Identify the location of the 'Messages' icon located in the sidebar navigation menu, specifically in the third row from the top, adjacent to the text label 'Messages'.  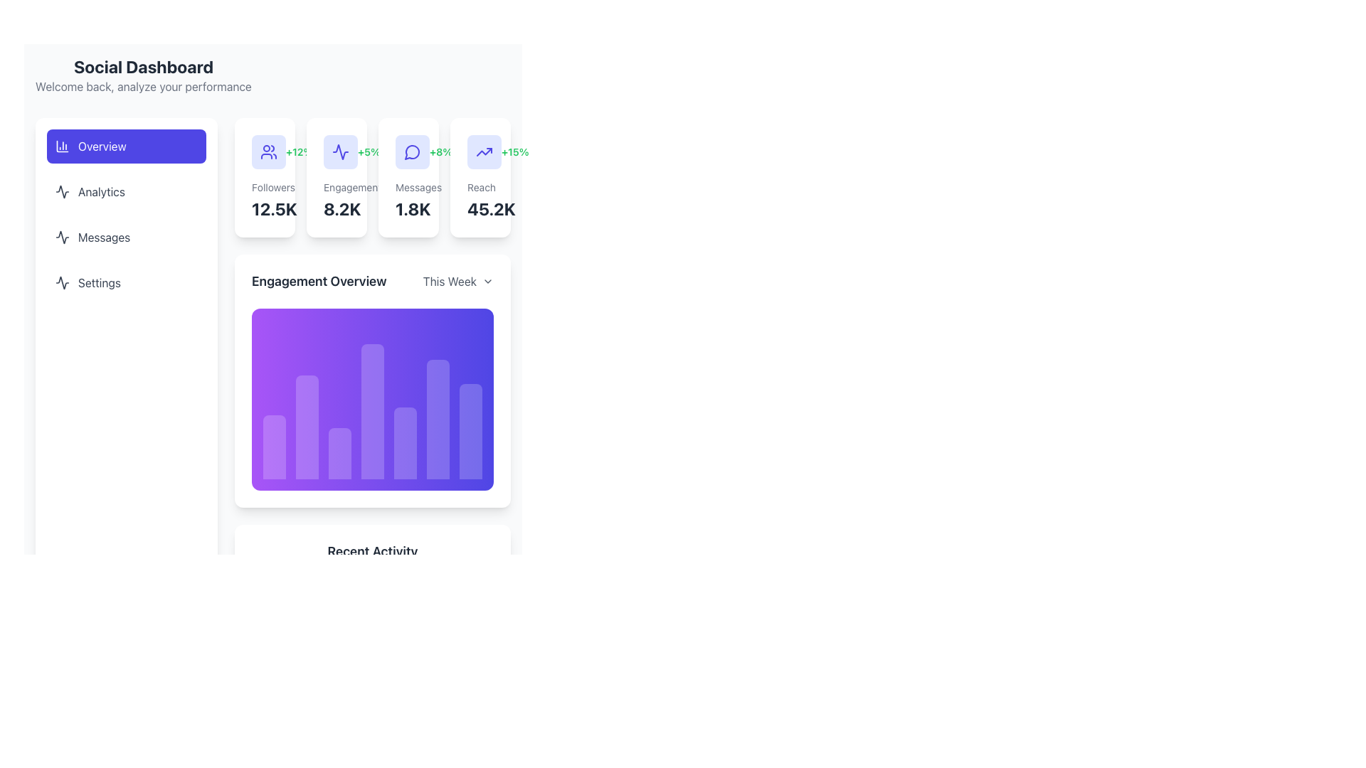
(61, 237).